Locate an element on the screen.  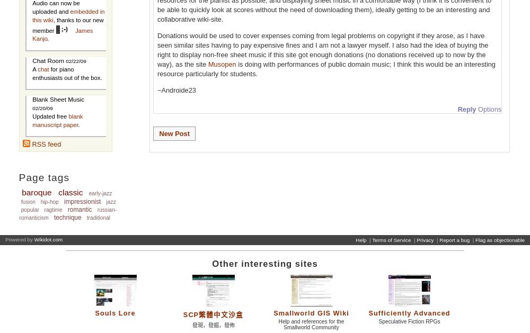
'Updated free' is located at coordinates (32, 116).